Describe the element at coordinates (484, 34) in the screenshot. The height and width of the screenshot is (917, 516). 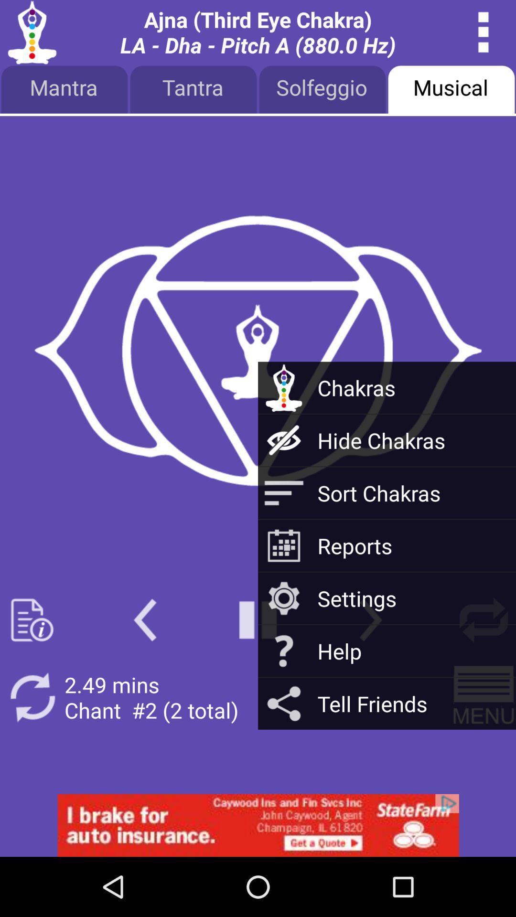
I see `the more icon` at that location.